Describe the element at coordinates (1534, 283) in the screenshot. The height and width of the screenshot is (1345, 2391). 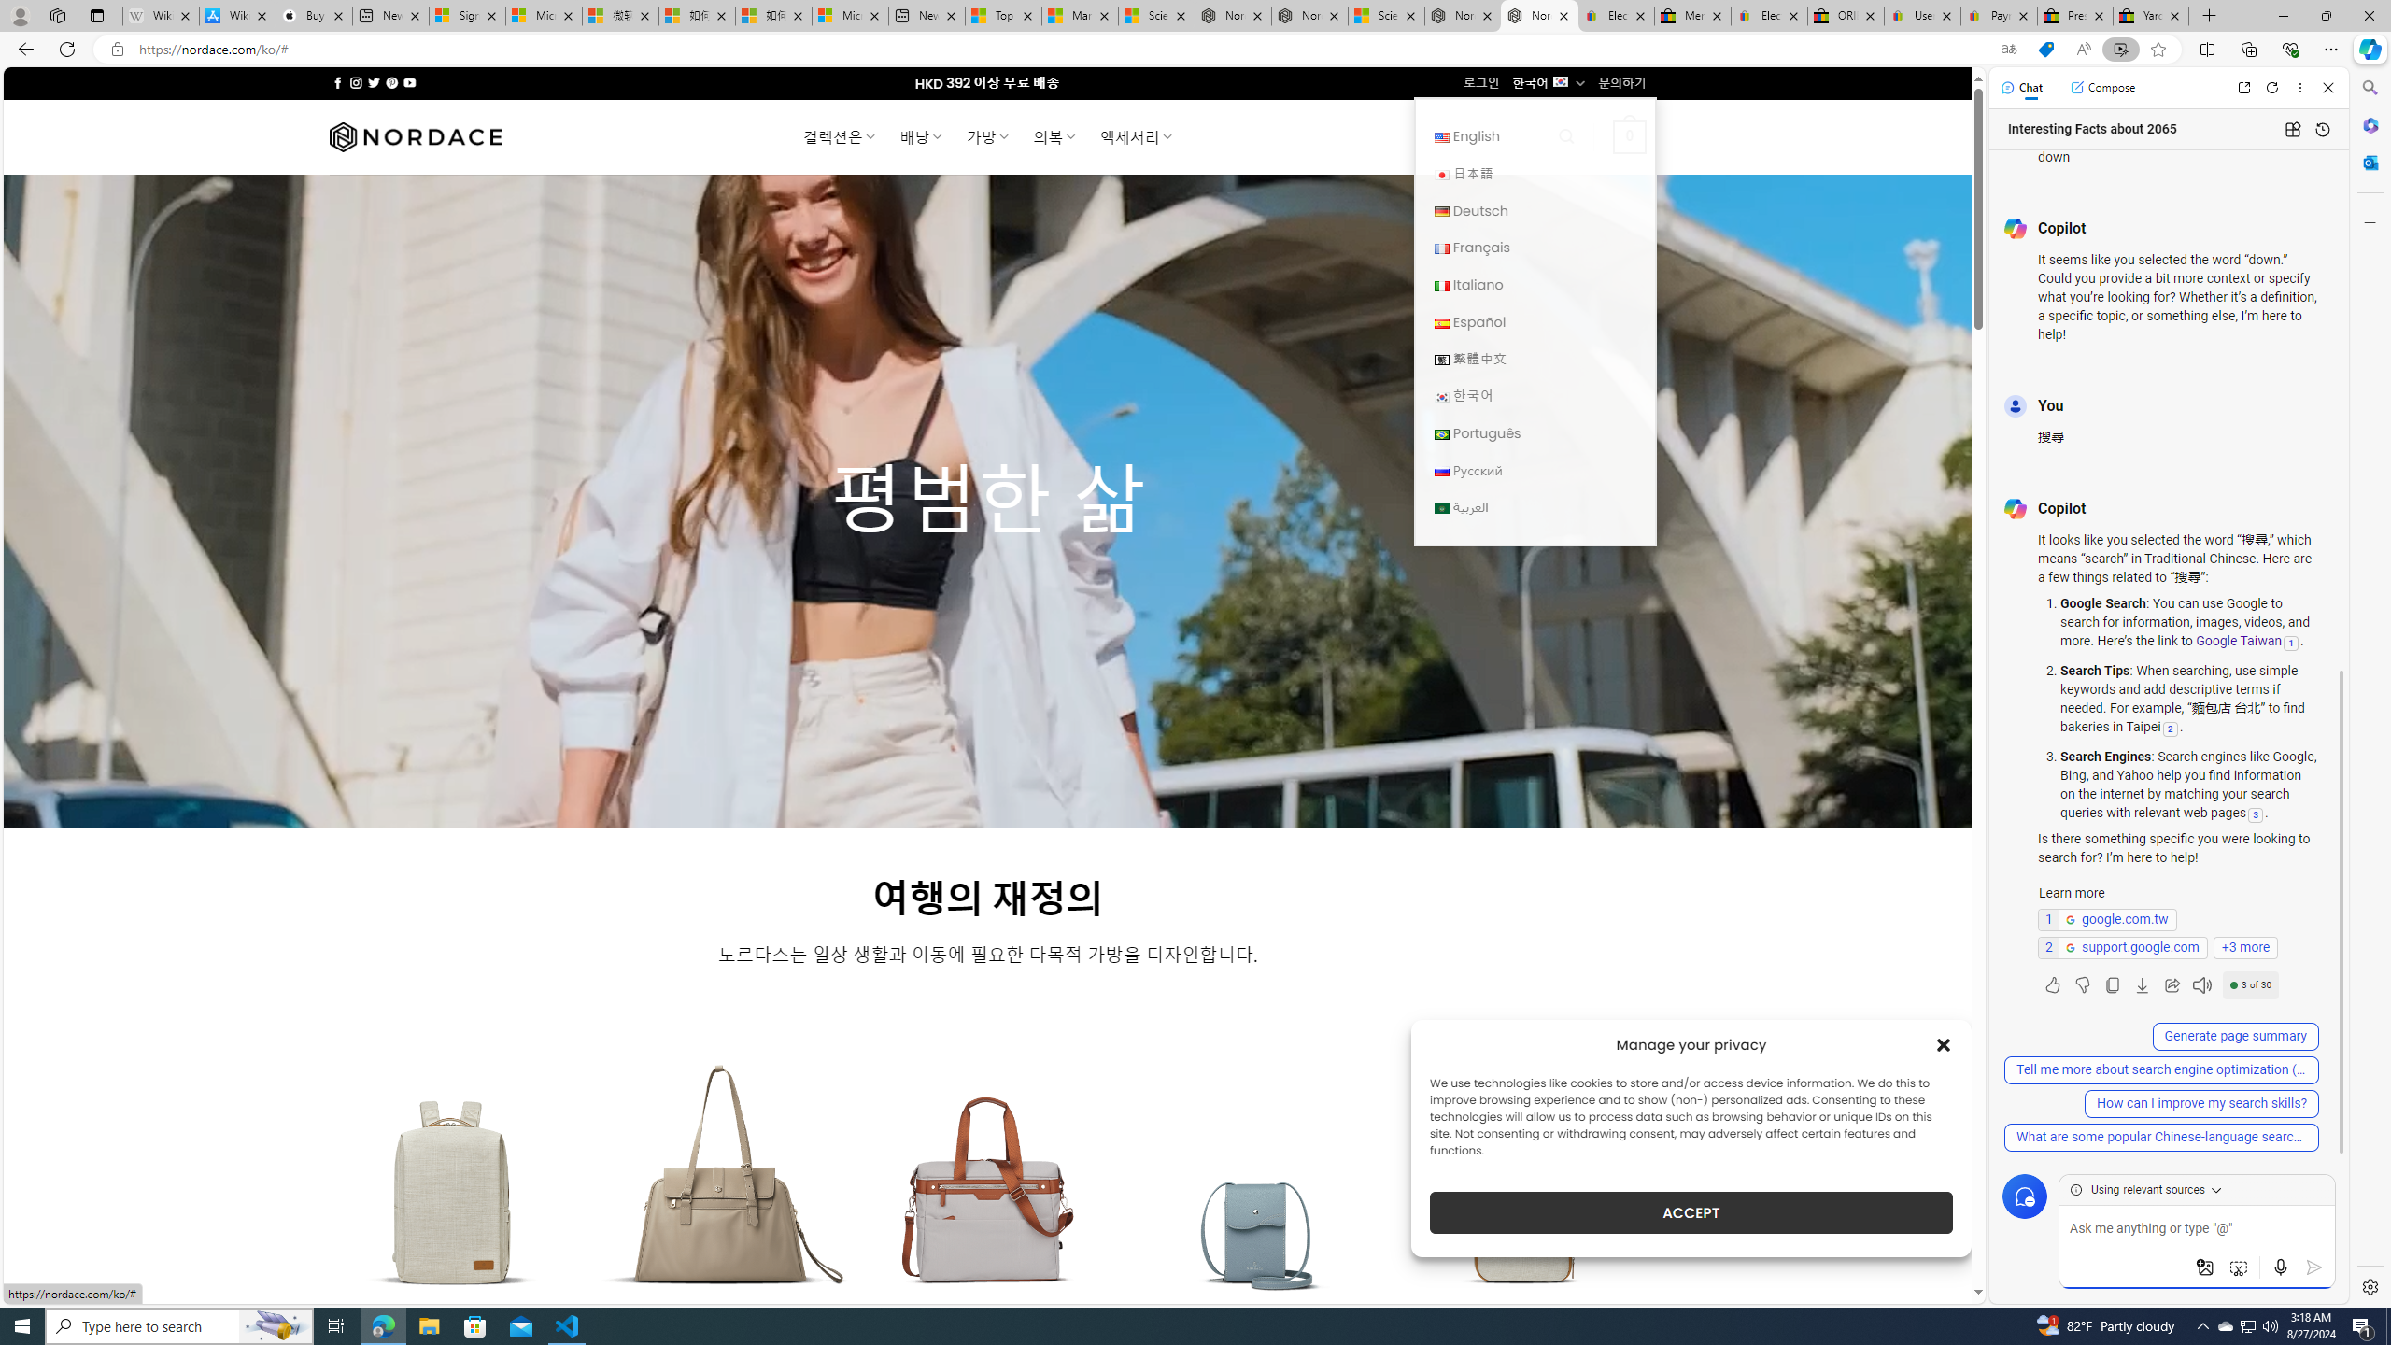
I see `'Italiano Italiano'` at that location.